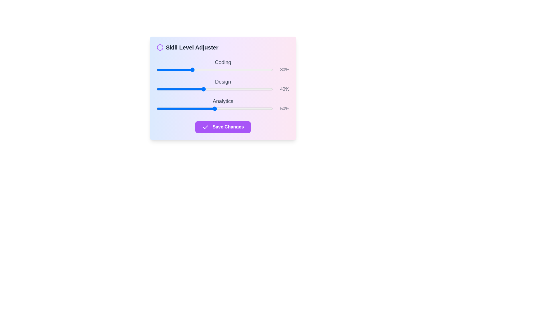 Image resolution: width=549 pixels, height=309 pixels. I want to click on the skill labels to examine their text, so click(222, 62).